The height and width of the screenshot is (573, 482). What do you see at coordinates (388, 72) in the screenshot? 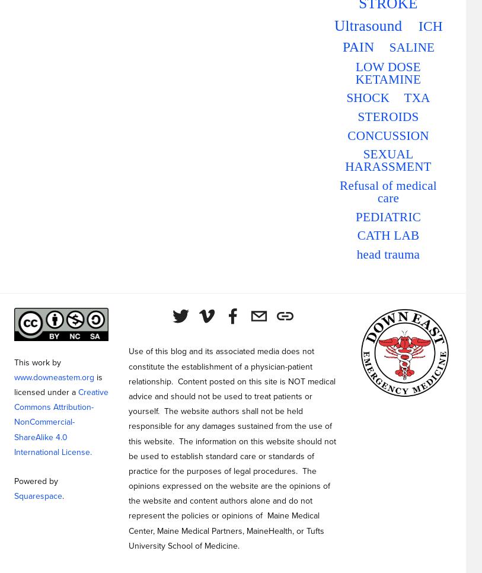
I see `'LOW DOSE KETAMINE'` at bounding box center [388, 72].